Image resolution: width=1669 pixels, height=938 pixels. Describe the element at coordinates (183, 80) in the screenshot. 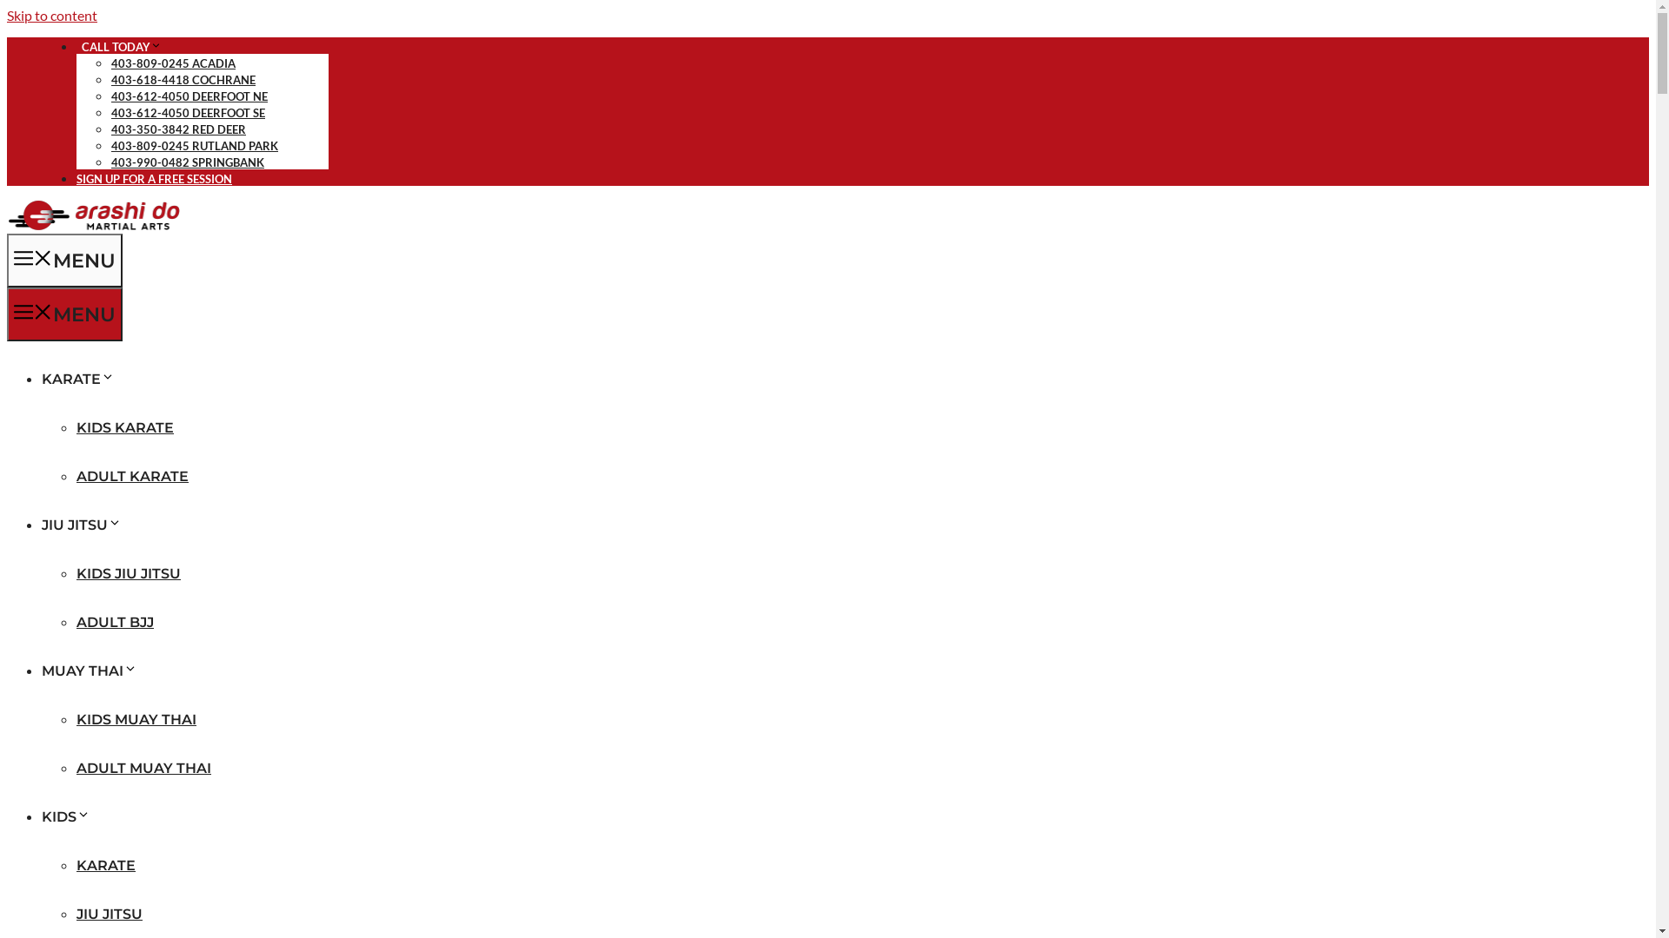

I see `'403-618-4418 COCHRANE'` at that location.